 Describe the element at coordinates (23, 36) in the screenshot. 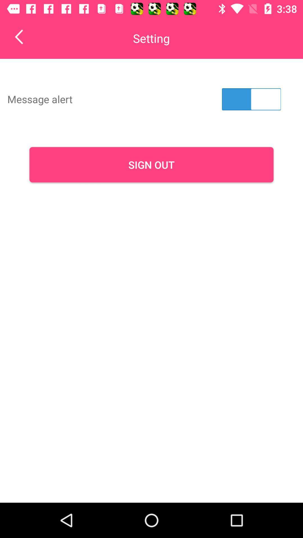

I see `the item to the left of setting` at that location.